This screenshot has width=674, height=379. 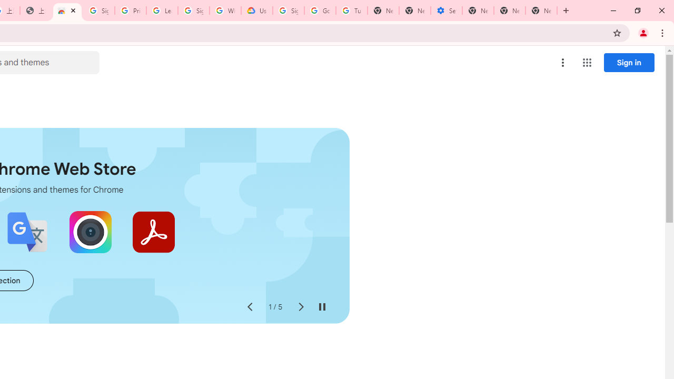 What do you see at coordinates (98, 11) in the screenshot?
I see `'Sign in - Google Accounts'` at bounding box center [98, 11].